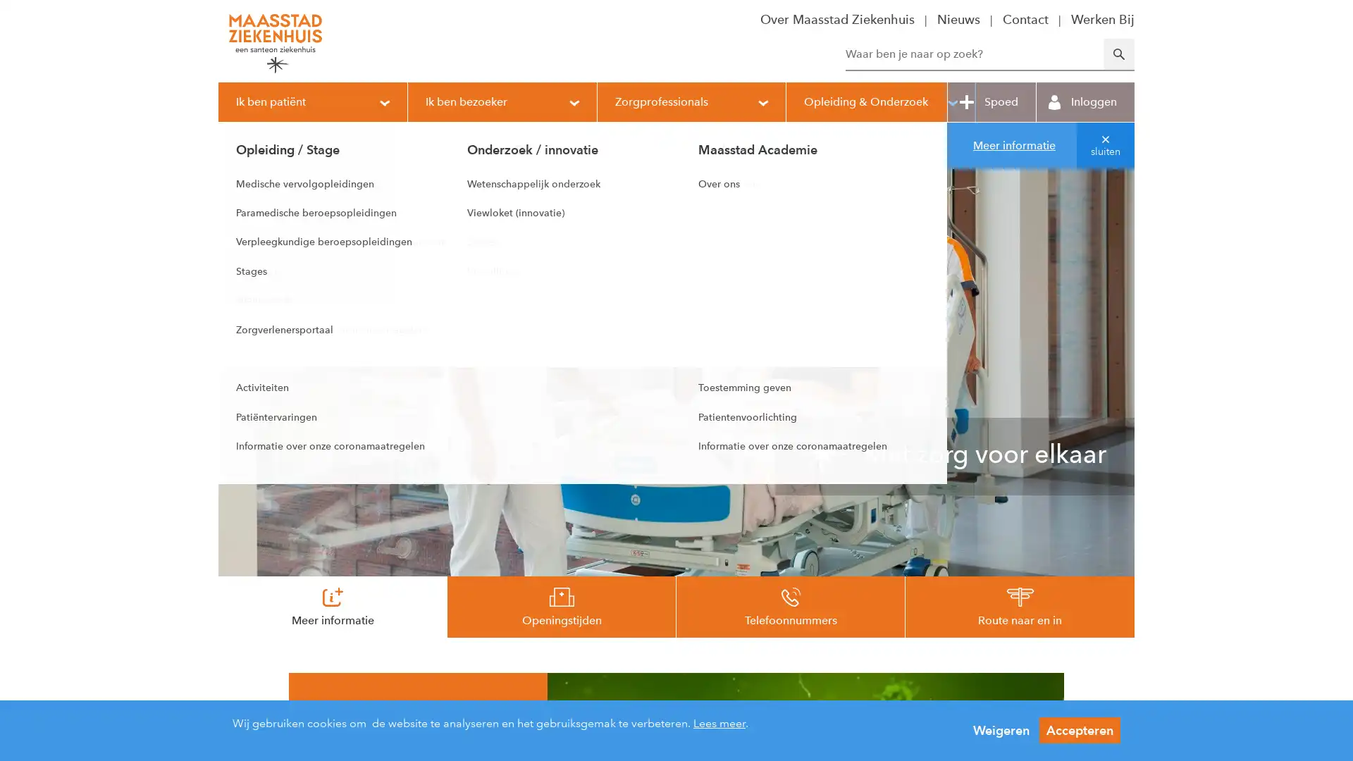 The image size is (1353, 761). Describe the element at coordinates (311, 101) in the screenshot. I see `Ik ben patient` at that location.